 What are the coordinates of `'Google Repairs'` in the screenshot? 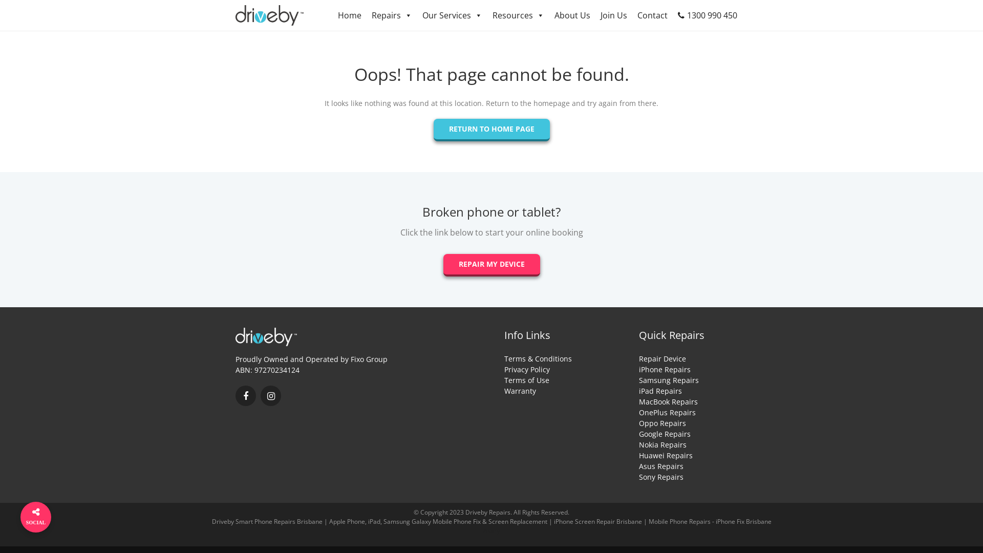 It's located at (665, 434).